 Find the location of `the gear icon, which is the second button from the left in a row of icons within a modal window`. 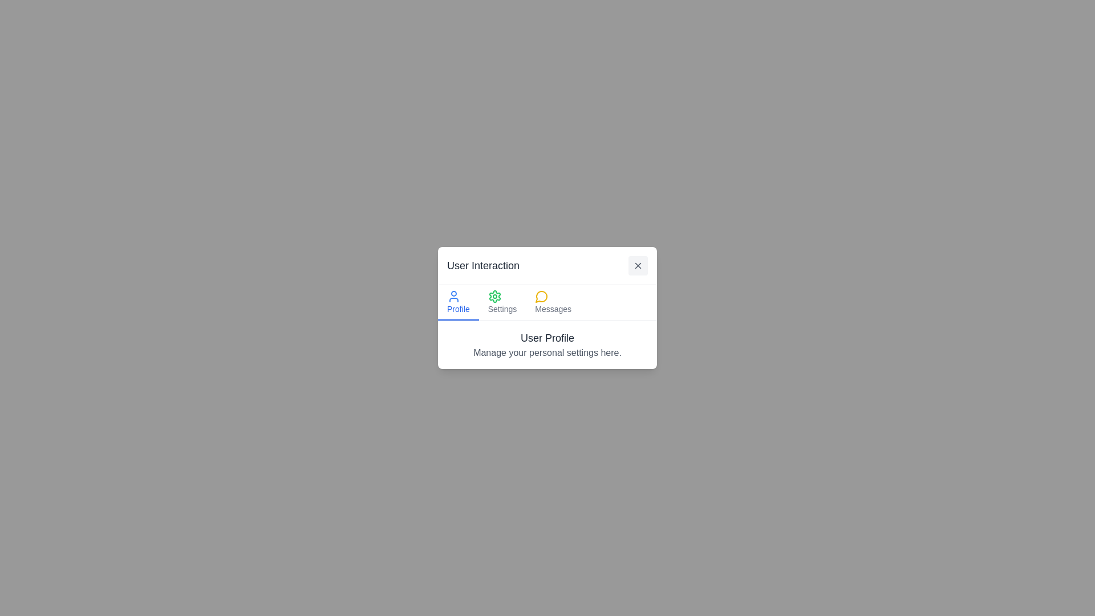

the gear icon, which is the second button from the left in a row of icons within a modal window is located at coordinates (494, 296).